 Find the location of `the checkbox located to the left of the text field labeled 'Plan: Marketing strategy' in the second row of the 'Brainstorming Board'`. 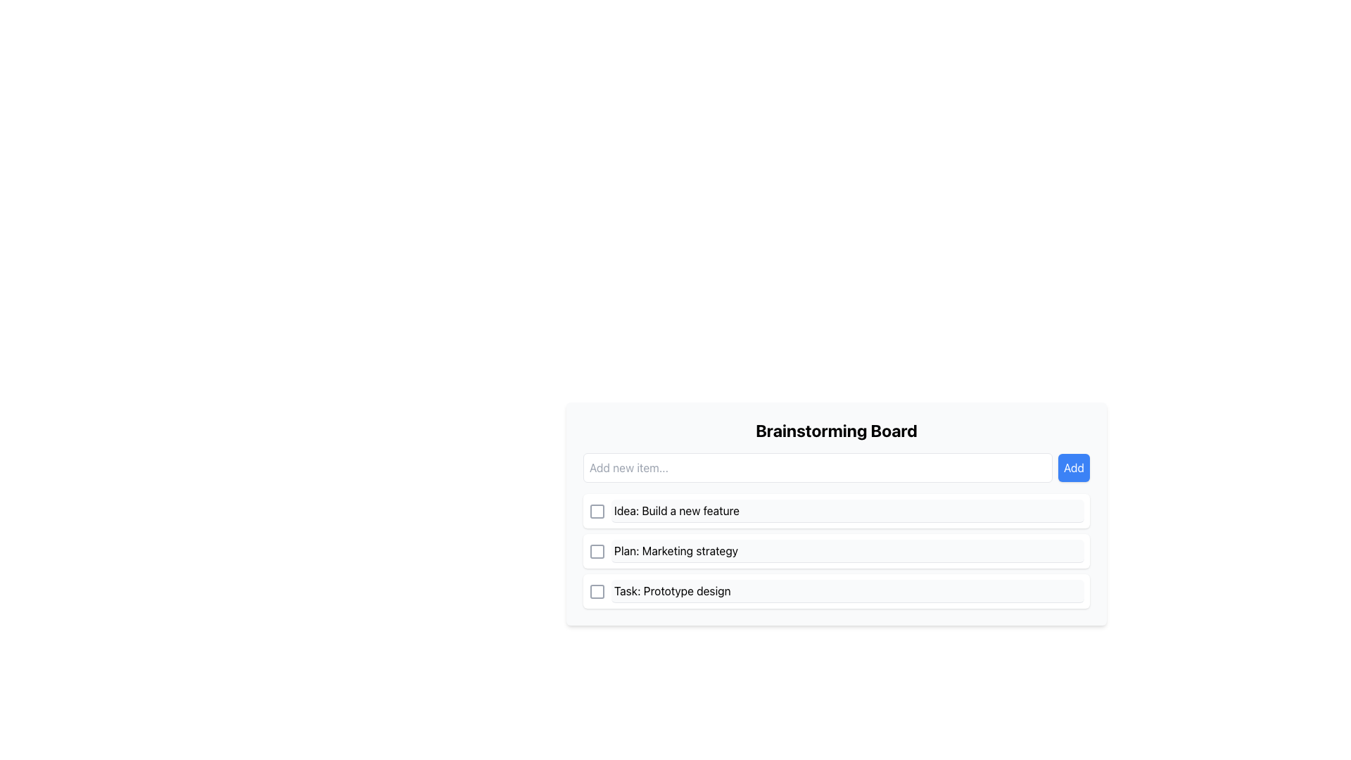

the checkbox located to the left of the text field labeled 'Plan: Marketing strategy' in the second row of the 'Brainstorming Board' is located at coordinates (597, 550).